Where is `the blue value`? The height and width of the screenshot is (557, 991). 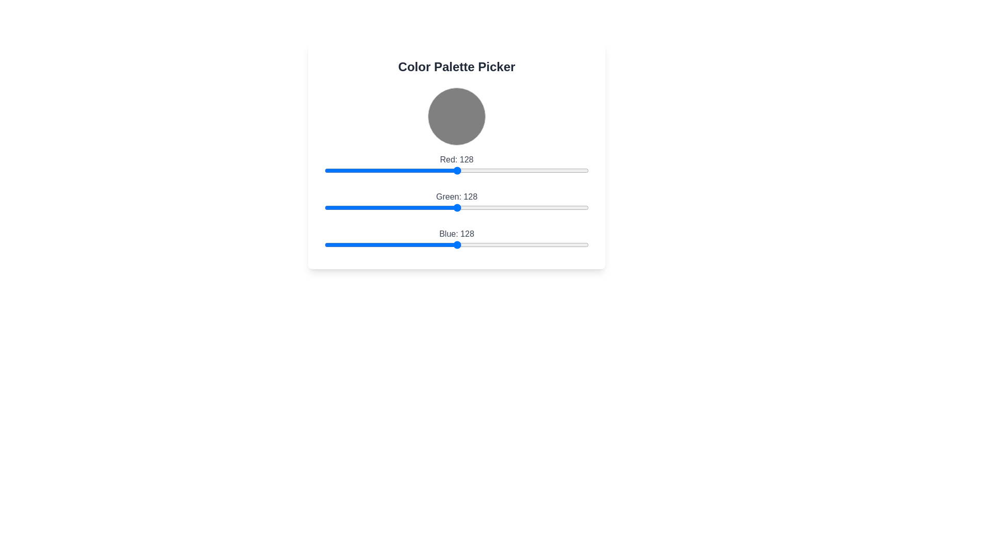 the blue value is located at coordinates (542, 244).